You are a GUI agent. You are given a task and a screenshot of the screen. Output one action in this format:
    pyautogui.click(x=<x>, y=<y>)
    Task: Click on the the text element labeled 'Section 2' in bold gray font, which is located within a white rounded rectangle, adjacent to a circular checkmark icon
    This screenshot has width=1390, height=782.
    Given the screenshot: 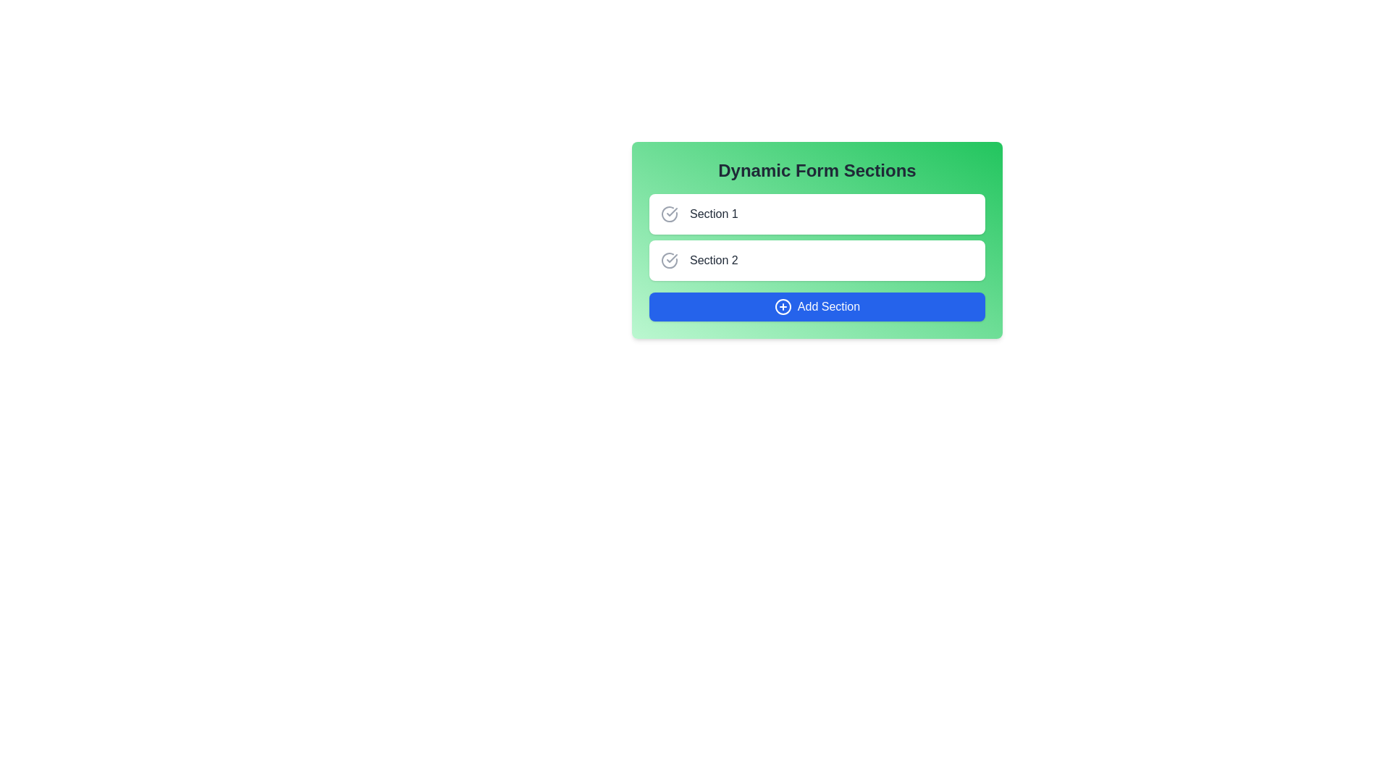 What is the action you would take?
    pyautogui.click(x=714, y=259)
    